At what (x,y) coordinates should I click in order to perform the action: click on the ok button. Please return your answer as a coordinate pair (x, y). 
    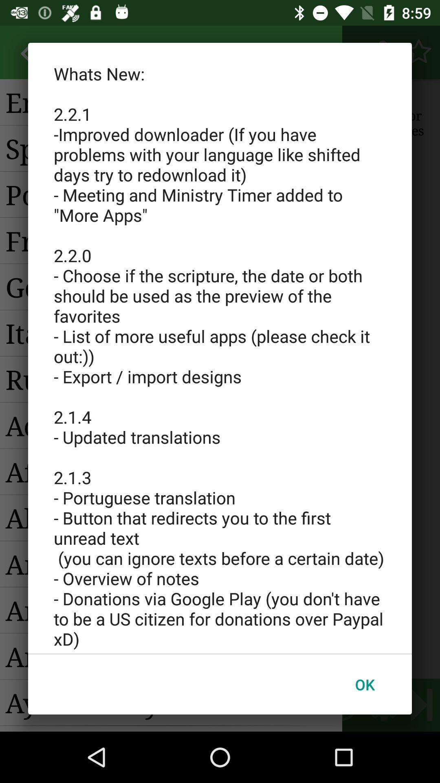
    Looking at the image, I should click on (364, 684).